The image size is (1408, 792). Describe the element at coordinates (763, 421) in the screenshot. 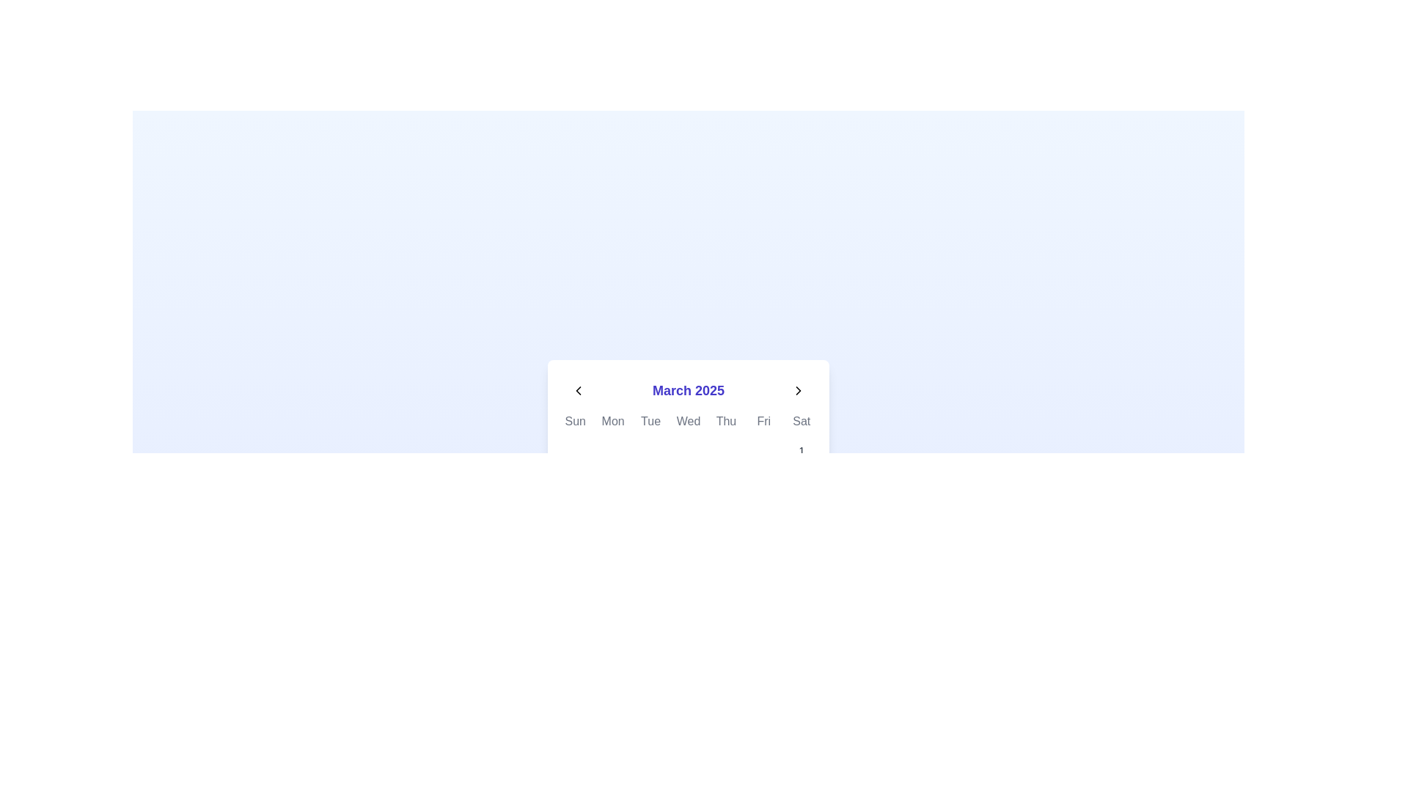

I see `the text label displaying 'Fri' in gray color, which is the sixth item in the row of day abbreviations at the top of the date picker` at that location.